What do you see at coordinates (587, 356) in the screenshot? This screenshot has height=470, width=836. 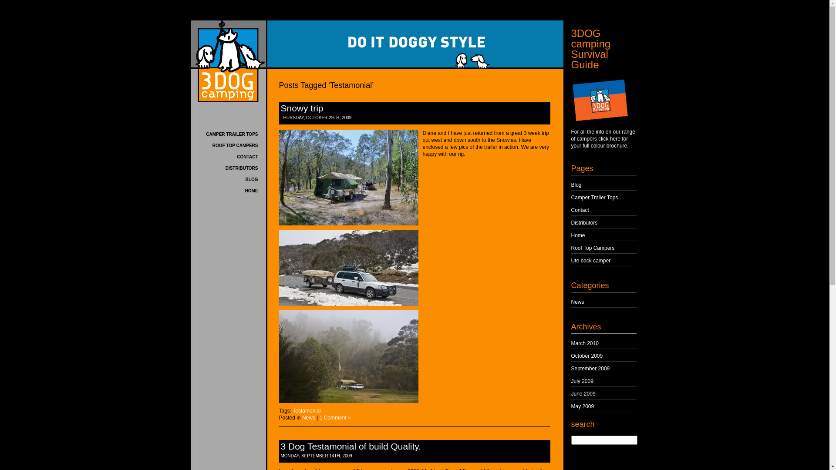 I see `'October 2009'` at bounding box center [587, 356].